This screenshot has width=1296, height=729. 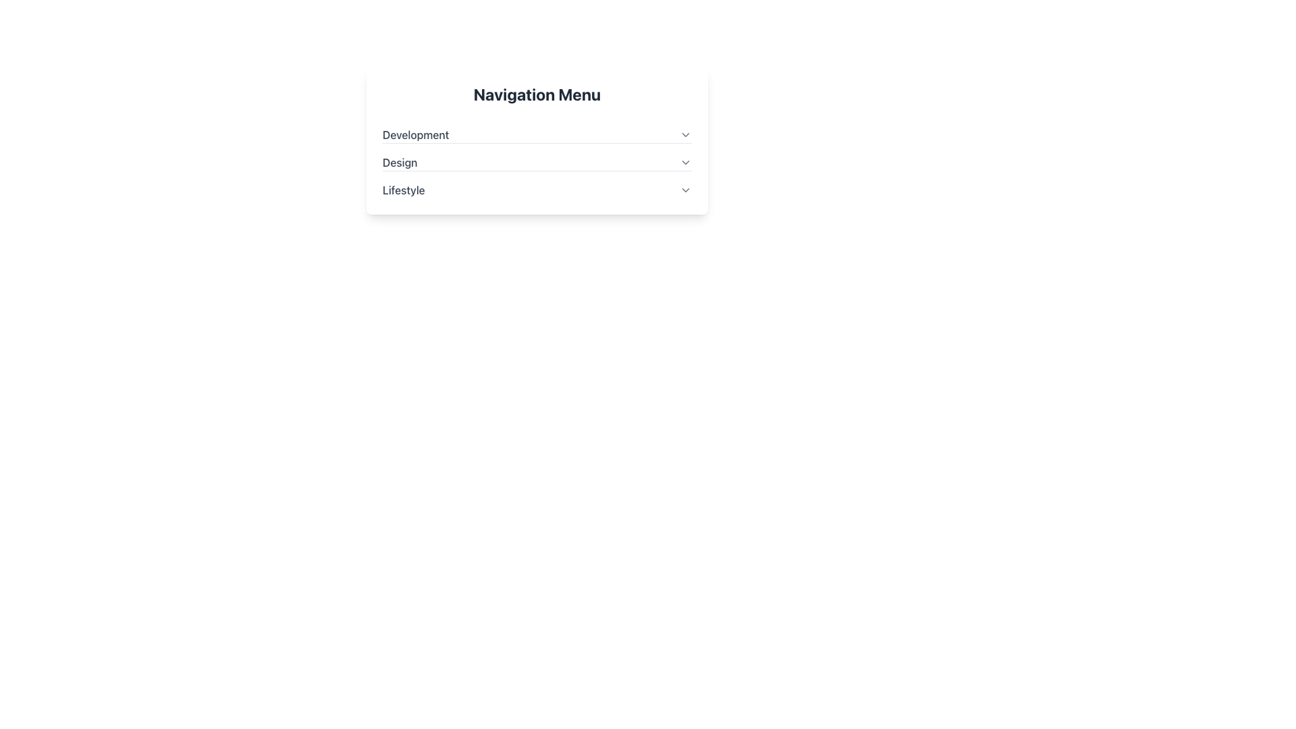 What do you see at coordinates (415, 135) in the screenshot?
I see `the text label 'Development' styled with a medium-weight font and gray color located in the top-left corner of the navigation menu` at bounding box center [415, 135].